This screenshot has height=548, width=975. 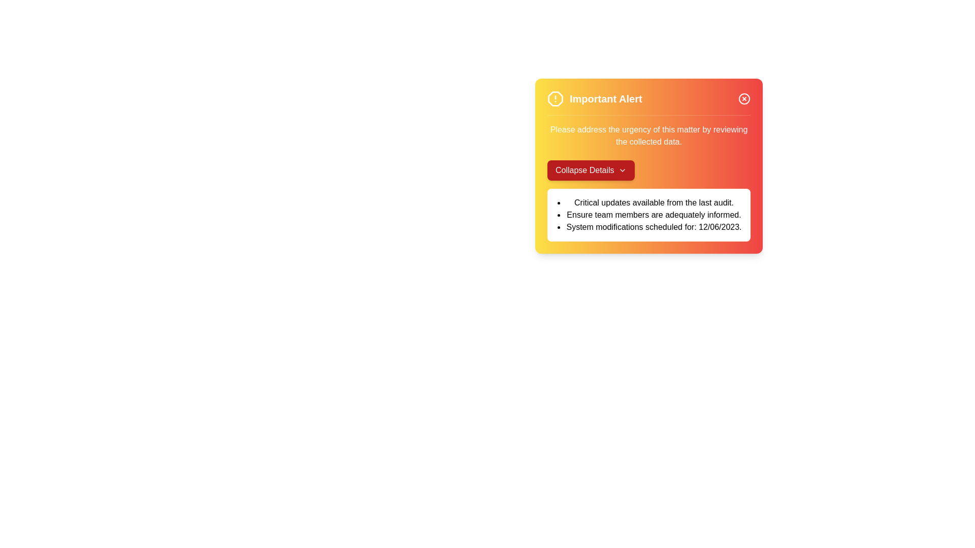 I want to click on close button to dismiss the notification, so click(x=744, y=99).